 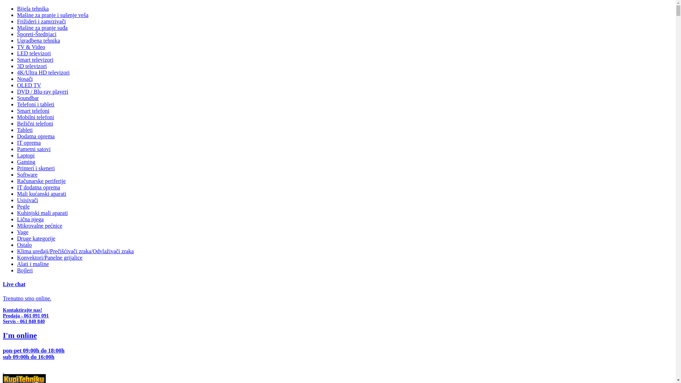 I want to click on 'DVD / Blu-ray playeri', so click(x=42, y=91).